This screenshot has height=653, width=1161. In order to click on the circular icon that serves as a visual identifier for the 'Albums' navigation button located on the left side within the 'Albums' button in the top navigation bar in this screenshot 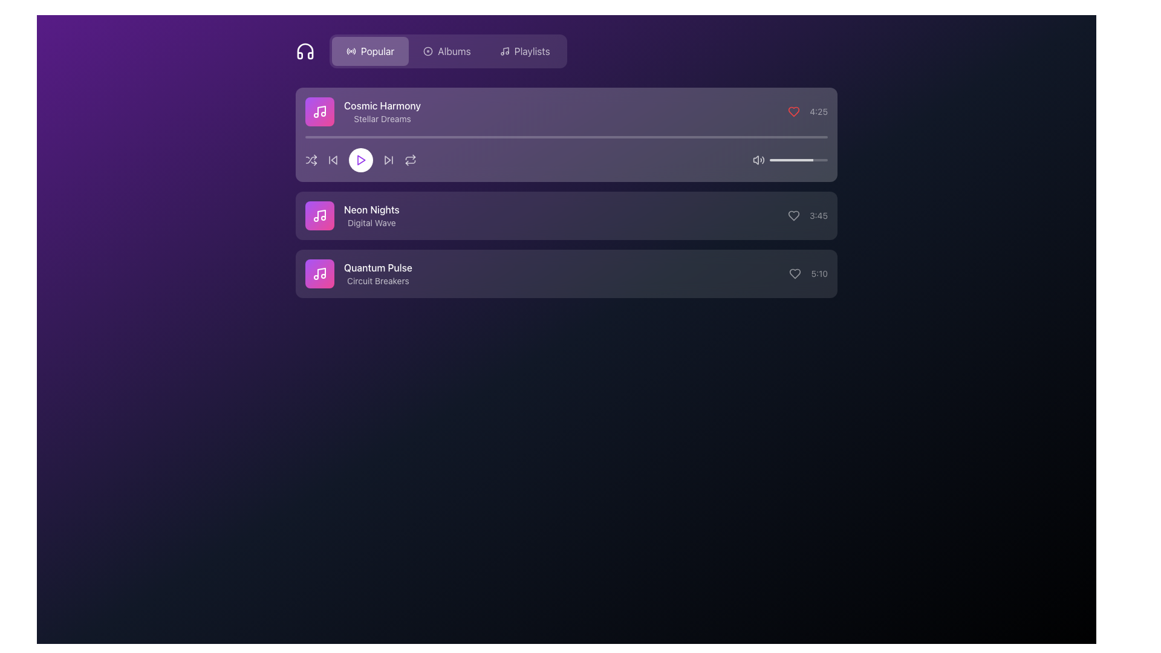, I will do `click(428, 50)`.